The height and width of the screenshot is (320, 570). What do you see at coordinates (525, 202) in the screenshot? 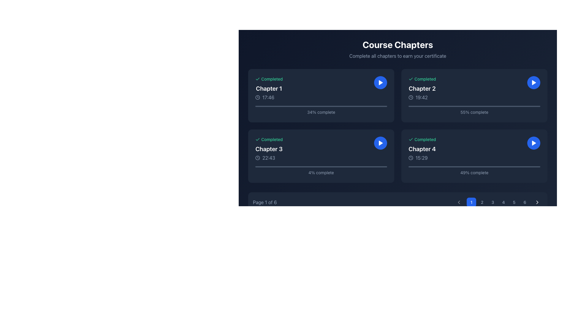
I see `the circular button labeled '6' with a light gray font` at bounding box center [525, 202].